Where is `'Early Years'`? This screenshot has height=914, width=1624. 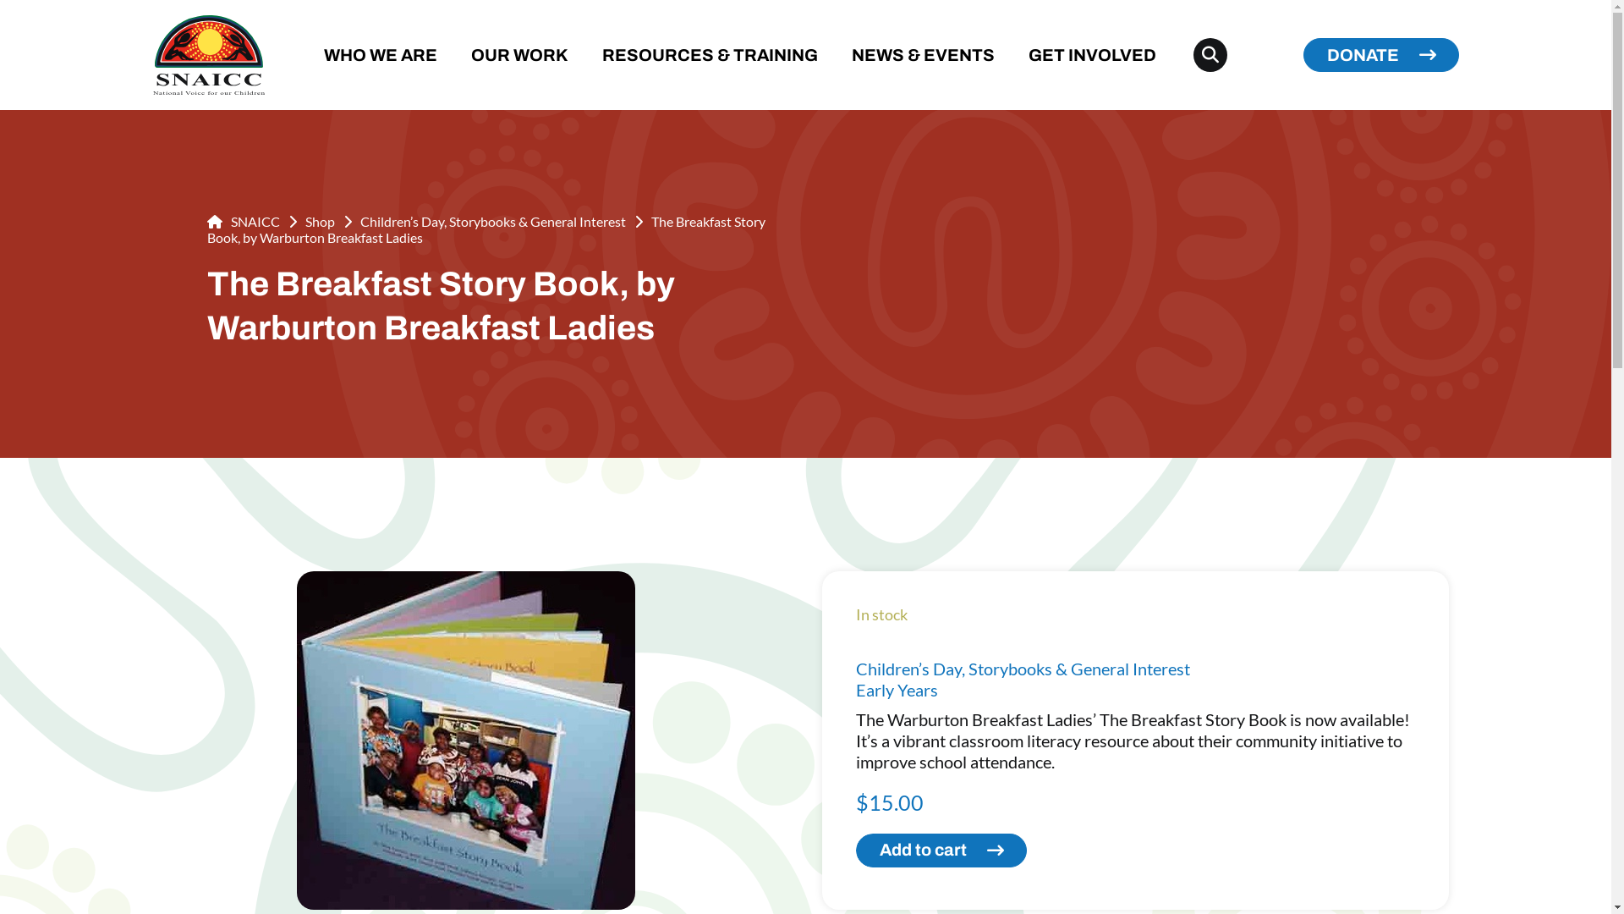 'Early Years' is located at coordinates (896, 689).